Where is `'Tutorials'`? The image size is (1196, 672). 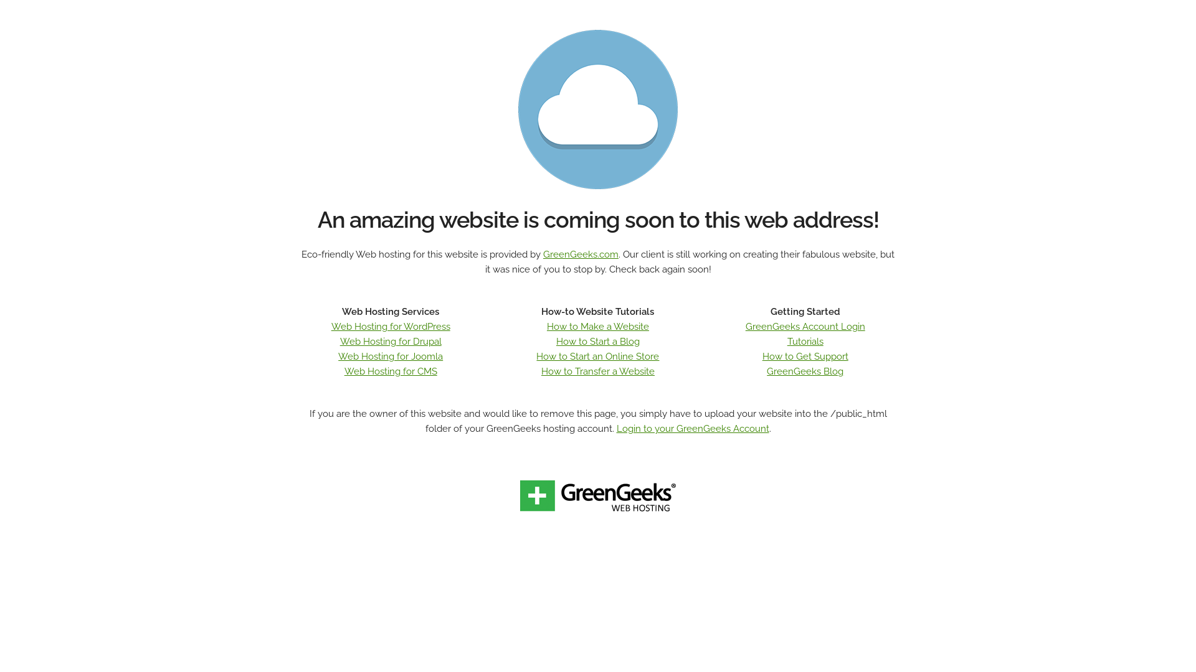 'Tutorials' is located at coordinates (805, 341).